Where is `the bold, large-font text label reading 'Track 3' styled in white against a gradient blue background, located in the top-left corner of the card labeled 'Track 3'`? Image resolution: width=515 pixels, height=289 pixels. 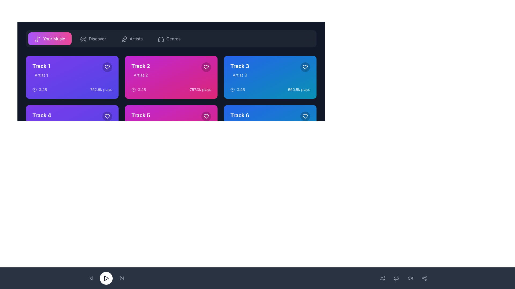
the bold, large-font text label reading 'Track 3' styled in white against a gradient blue background, located in the top-left corner of the card labeled 'Track 3' is located at coordinates (239, 66).